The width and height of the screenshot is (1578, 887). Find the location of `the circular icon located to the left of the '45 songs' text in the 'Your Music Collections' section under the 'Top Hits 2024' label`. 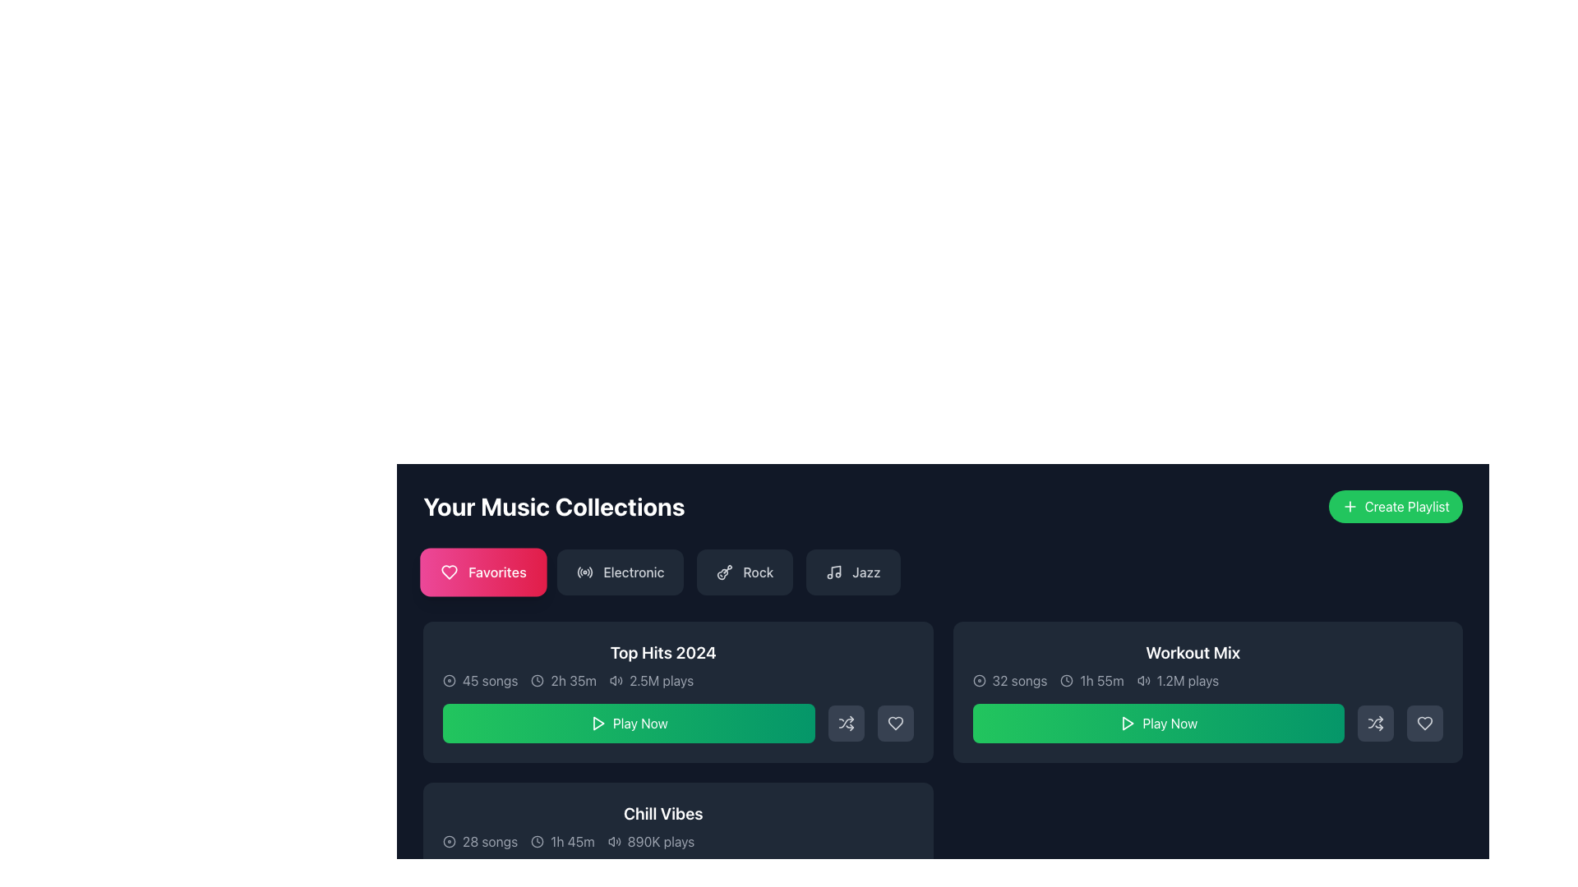

the circular icon located to the left of the '45 songs' text in the 'Your Music Collections' section under the 'Top Hits 2024' label is located at coordinates (450, 681).